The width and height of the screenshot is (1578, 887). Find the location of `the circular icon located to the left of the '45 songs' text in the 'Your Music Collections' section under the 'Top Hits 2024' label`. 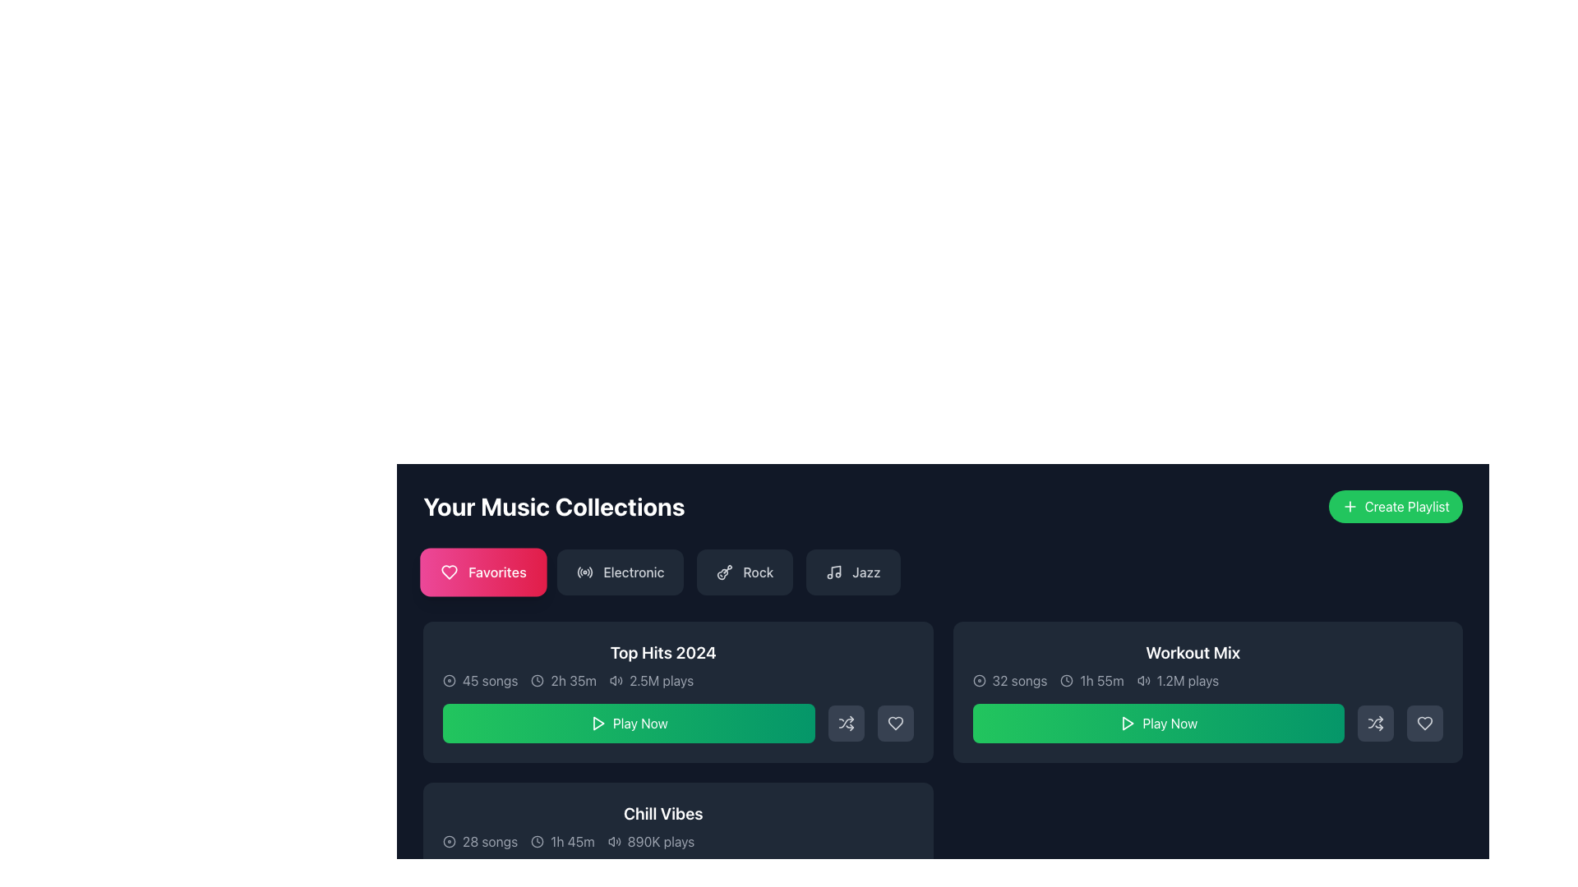

the circular icon located to the left of the '45 songs' text in the 'Your Music Collections' section under the 'Top Hits 2024' label is located at coordinates (450, 681).